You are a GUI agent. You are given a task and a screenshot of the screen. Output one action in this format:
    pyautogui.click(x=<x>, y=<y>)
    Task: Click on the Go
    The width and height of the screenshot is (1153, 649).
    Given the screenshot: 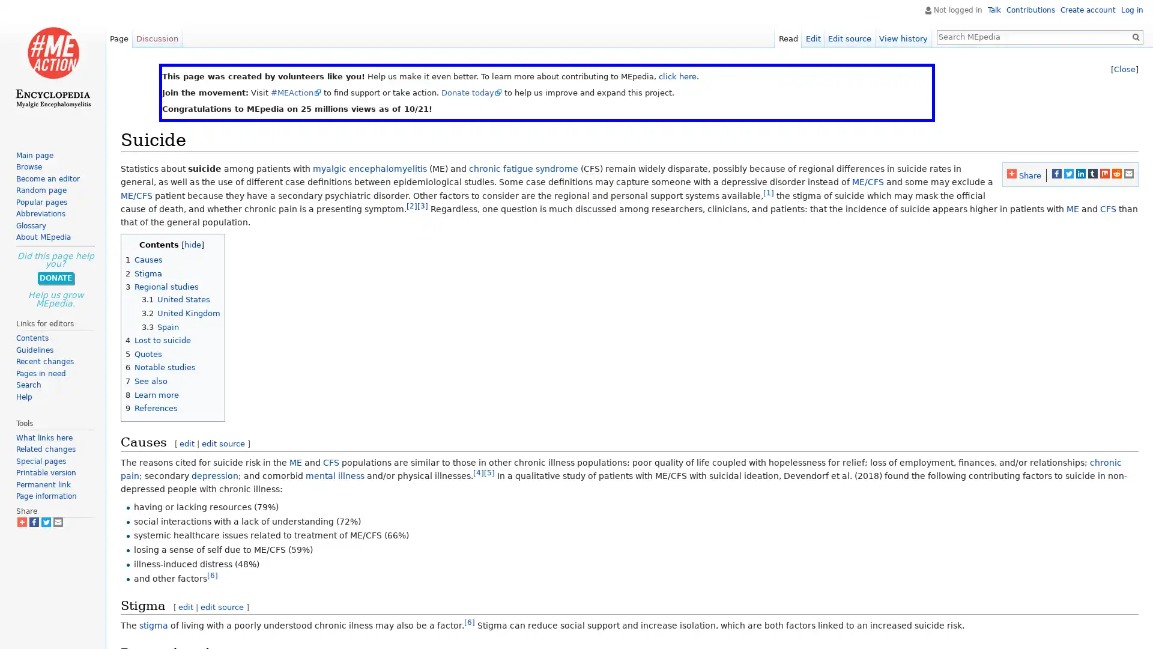 What is the action you would take?
    pyautogui.click(x=1135, y=36)
    